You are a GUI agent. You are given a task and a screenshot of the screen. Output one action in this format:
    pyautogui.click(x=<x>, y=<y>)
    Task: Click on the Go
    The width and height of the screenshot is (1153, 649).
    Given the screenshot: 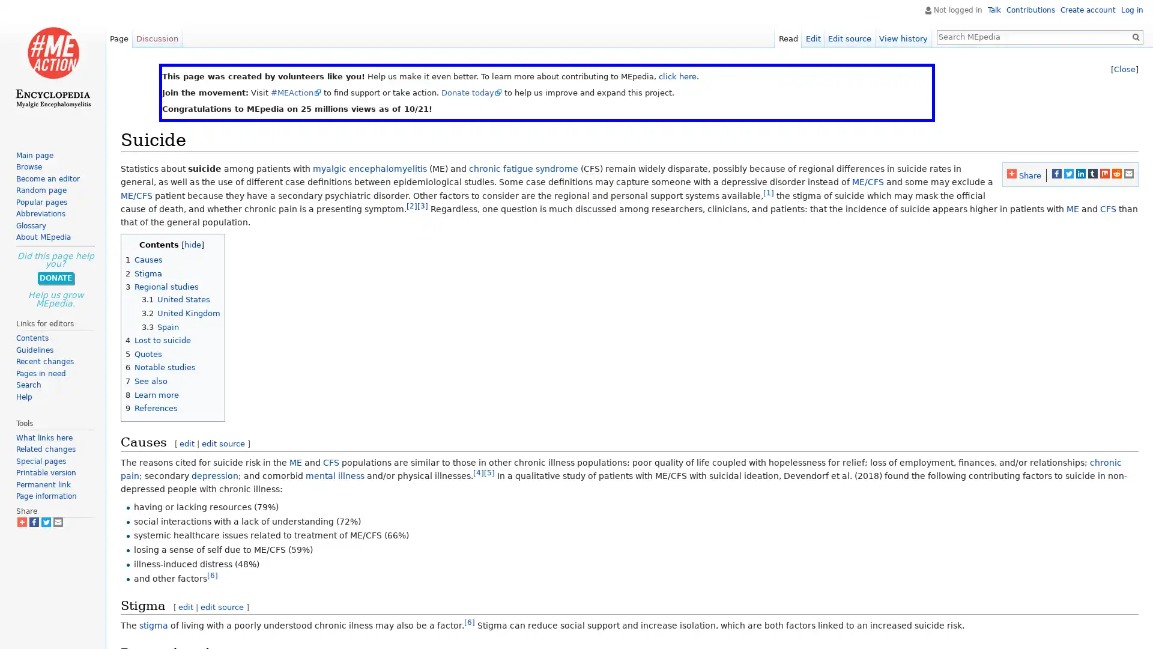 What is the action you would take?
    pyautogui.click(x=1135, y=36)
    